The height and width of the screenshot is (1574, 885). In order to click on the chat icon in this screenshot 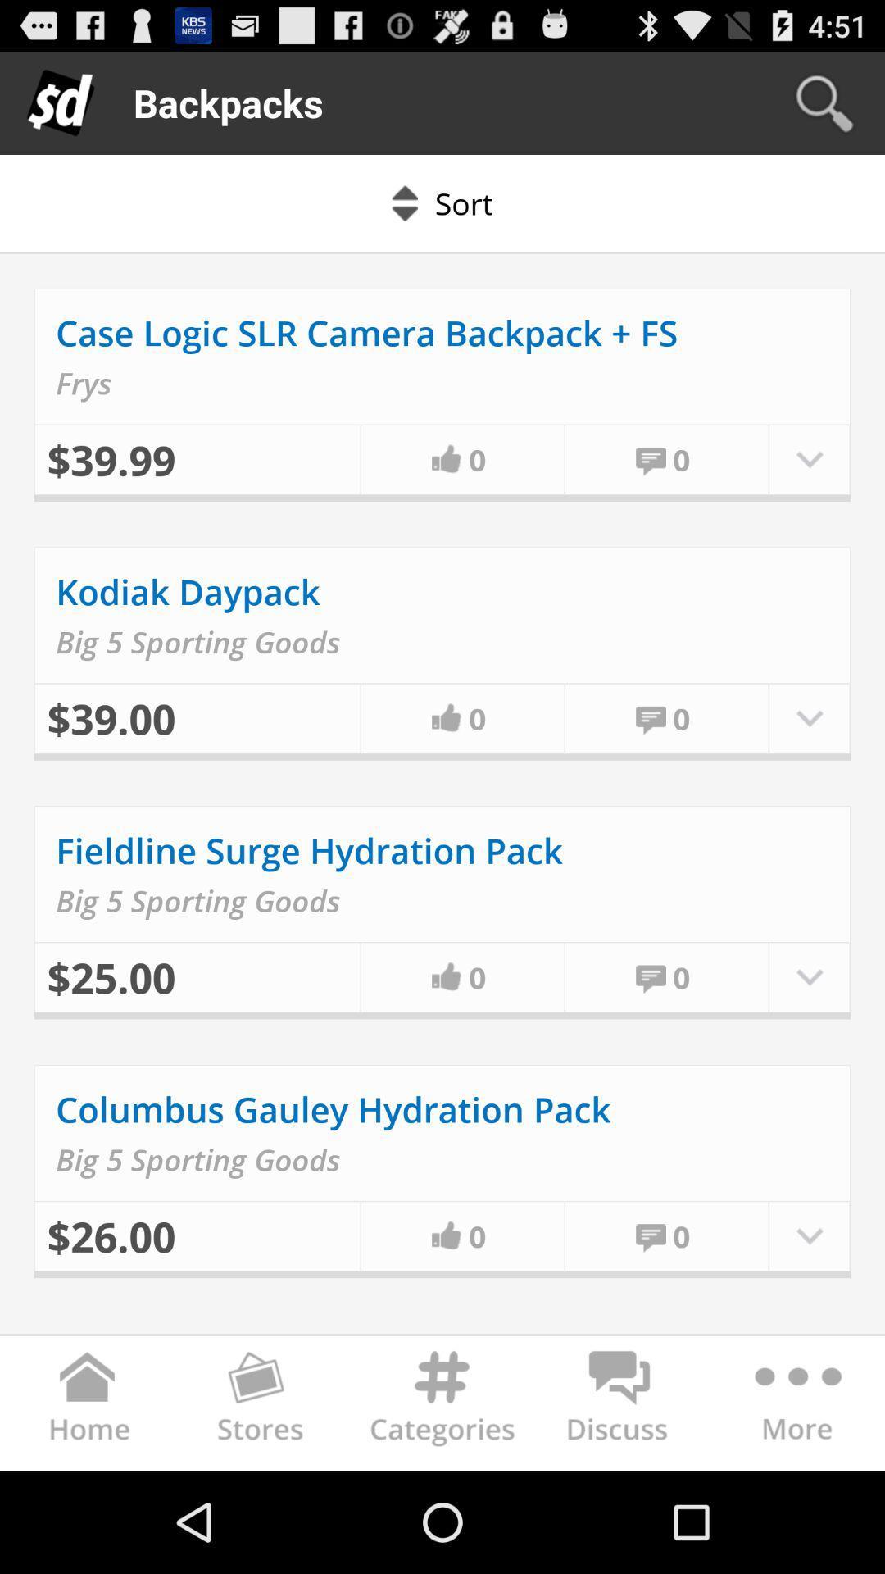, I will do `click(619, 1505)`.